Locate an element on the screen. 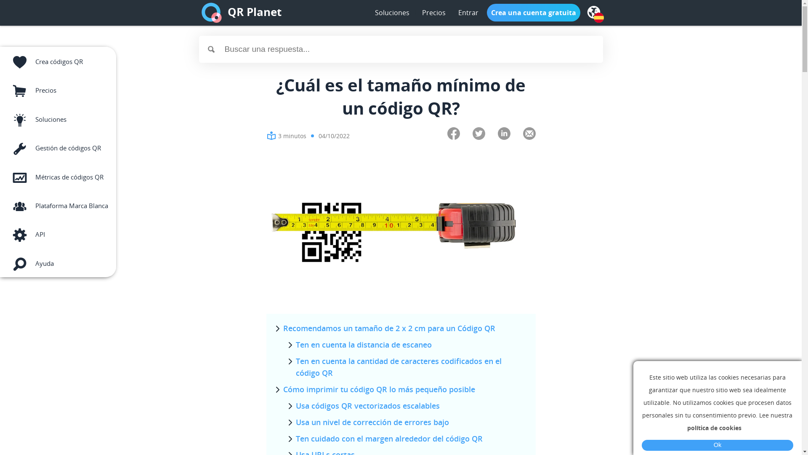  'Share on Facebook' is located at coordinates (452, 134).